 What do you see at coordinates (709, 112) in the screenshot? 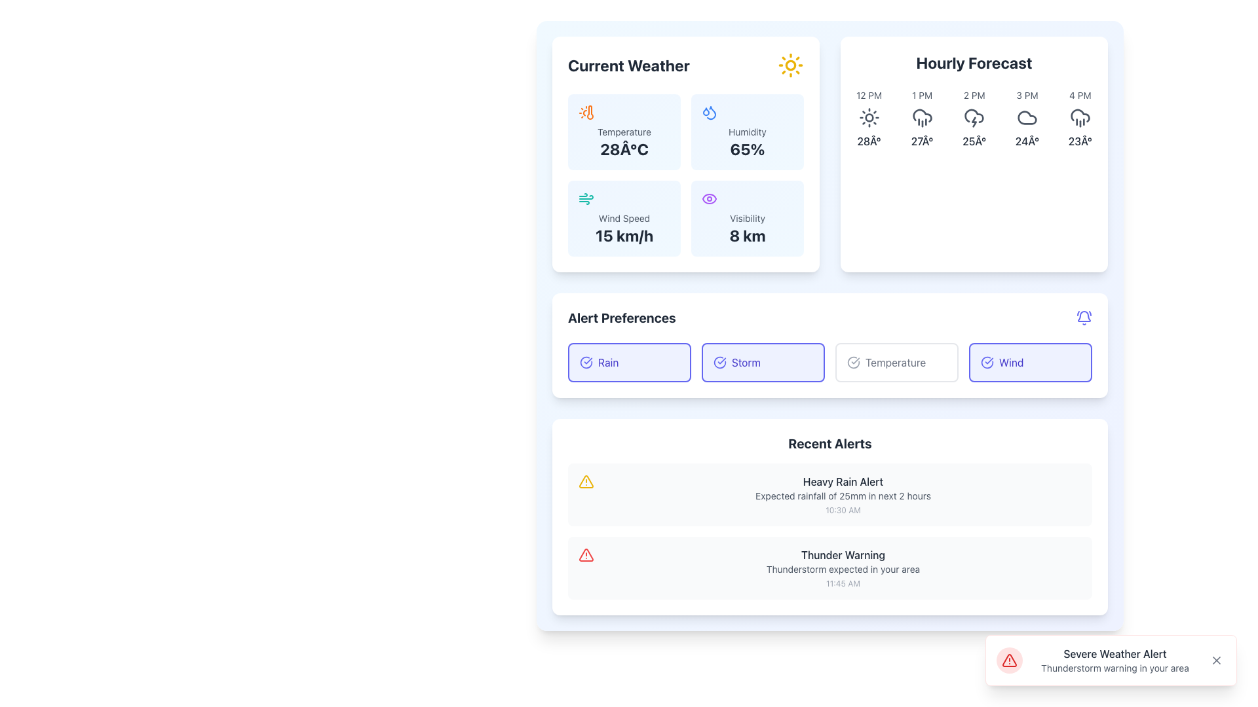
I see `the blue-colored droplet-like icon in the 'Humidity' panel located to the left of the text 'Humidity' and above '65%'` at bounding box center [709, 112].